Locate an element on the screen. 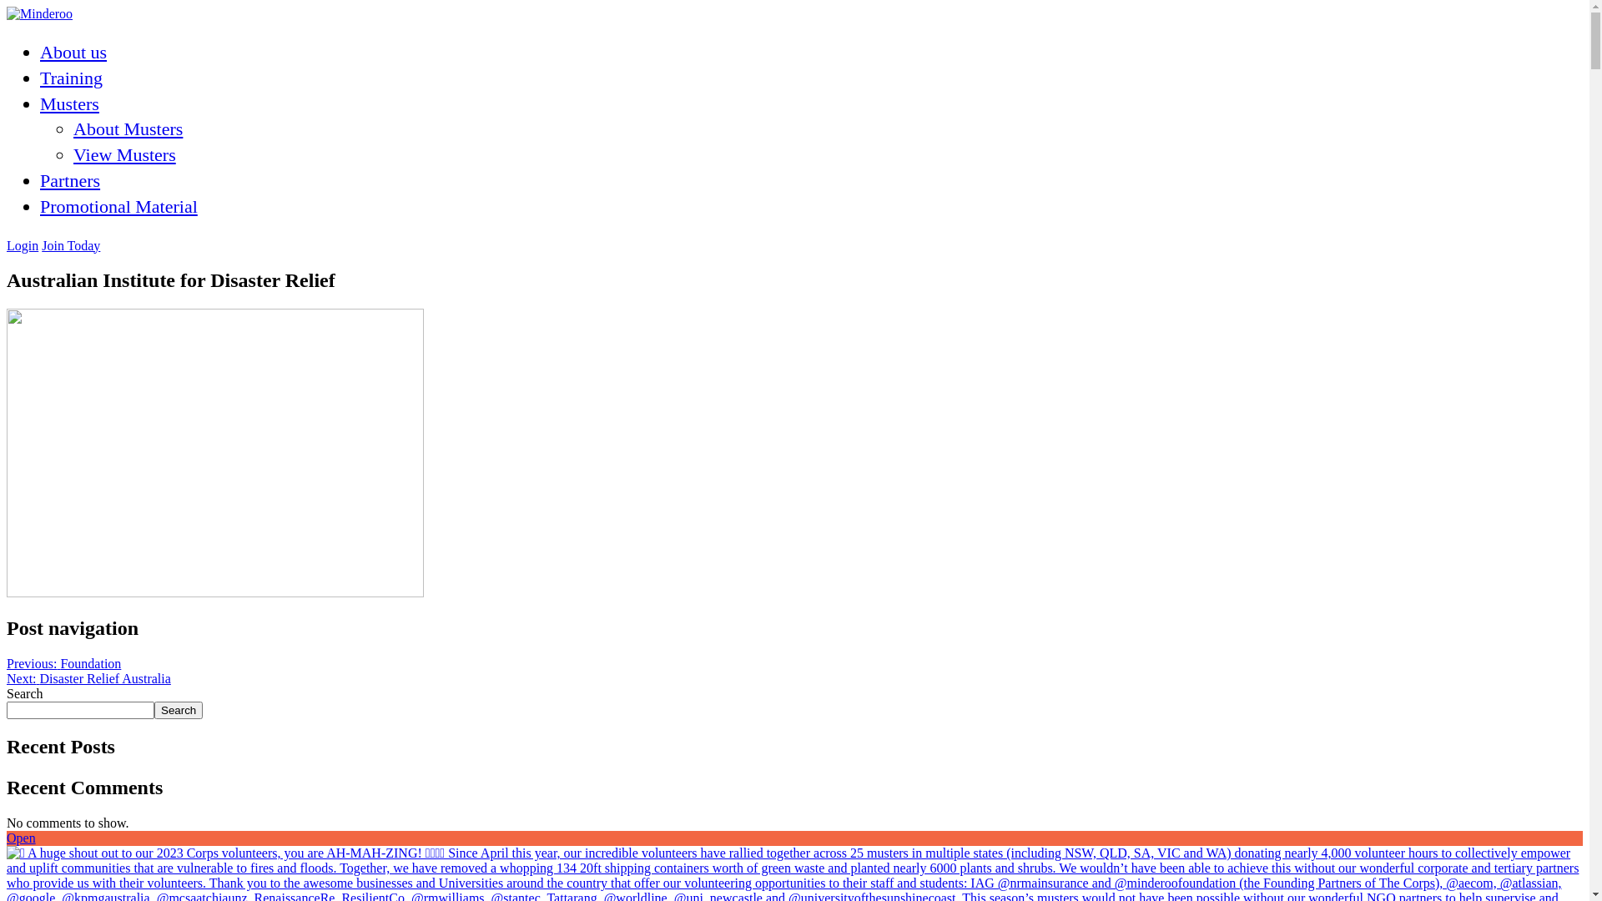  'About Musters' is located at coordinates (72, 128).